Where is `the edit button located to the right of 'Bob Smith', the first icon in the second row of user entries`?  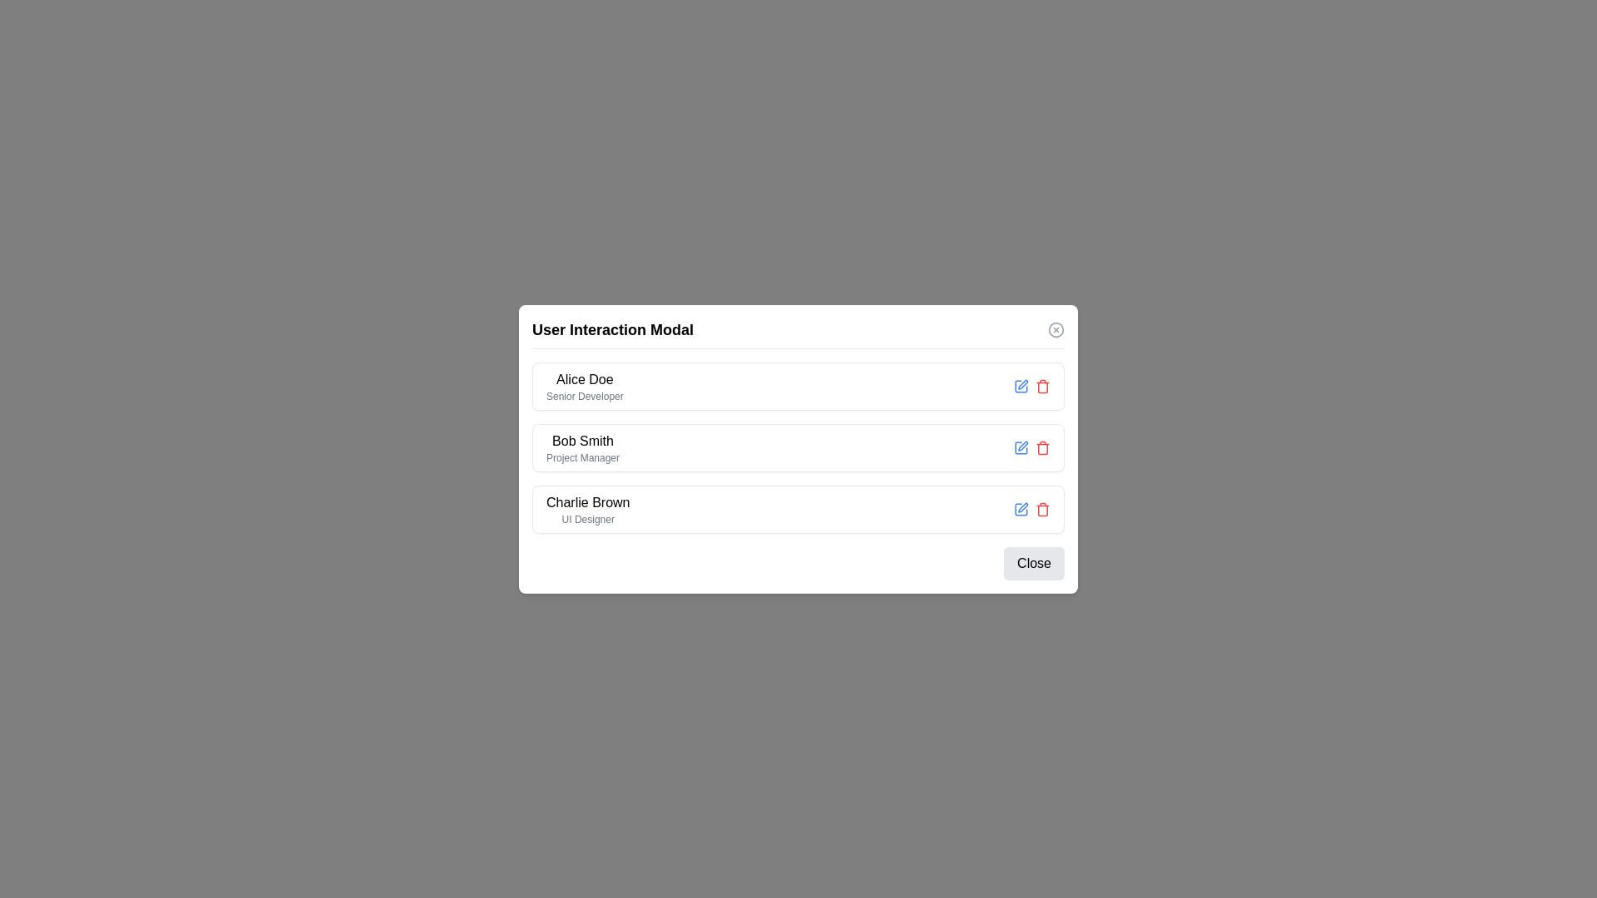
the edit button located to the right of 'Bob Smith', the first icon in the second row of user entries is located at coordinates (1021, 447).